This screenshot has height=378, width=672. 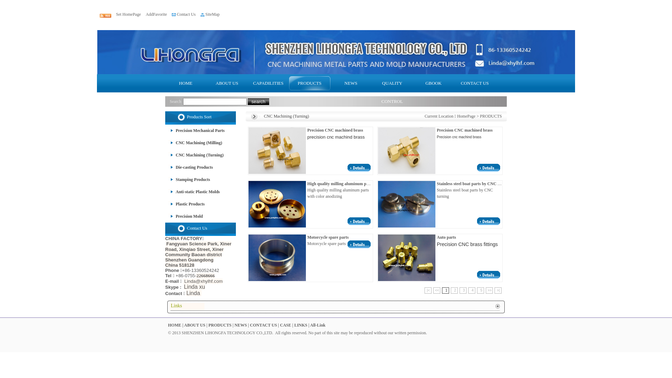 What do you see at coordinates (128, 14) in the screenshot?
I see `'Set HomePage'` at bounding box center [128, 14].